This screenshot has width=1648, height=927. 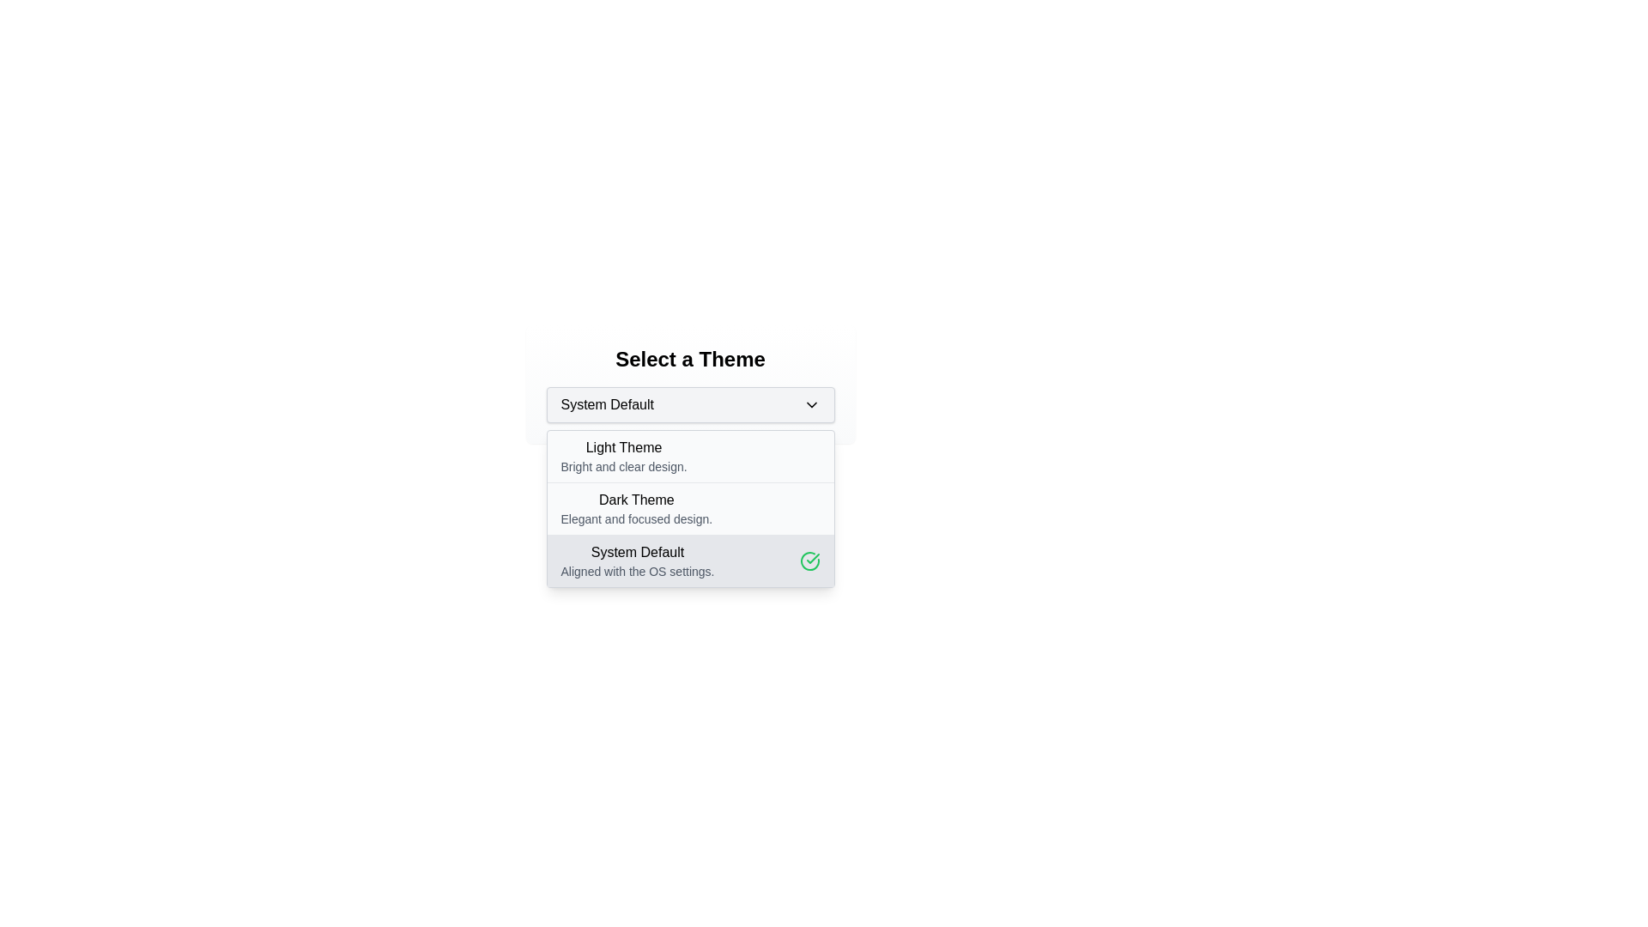 What do you see at coordinates (637, 561) in the screenshot?
I see `the third option in the 'Select a Theme' dropdown menu` at bounding box center [637, 561].